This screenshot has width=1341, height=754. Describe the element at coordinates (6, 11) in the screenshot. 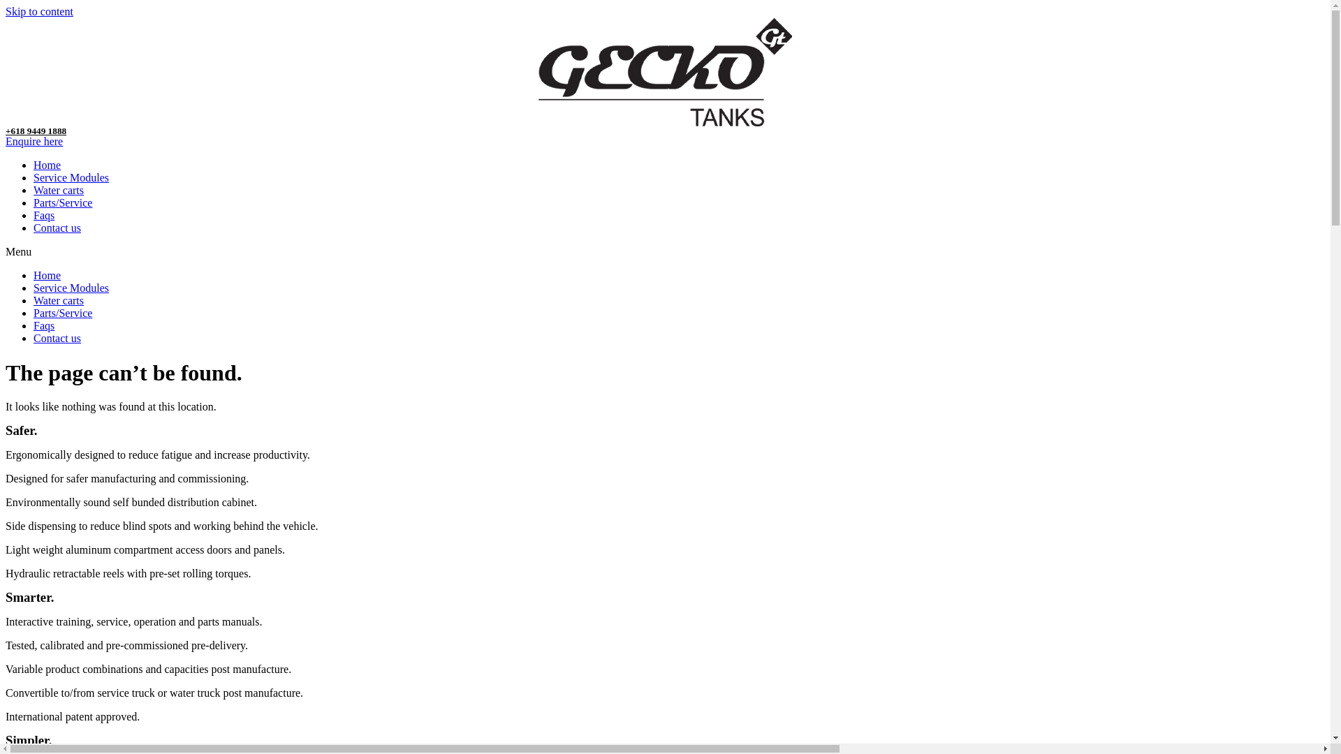

I see `'Skip to content'` at that location.